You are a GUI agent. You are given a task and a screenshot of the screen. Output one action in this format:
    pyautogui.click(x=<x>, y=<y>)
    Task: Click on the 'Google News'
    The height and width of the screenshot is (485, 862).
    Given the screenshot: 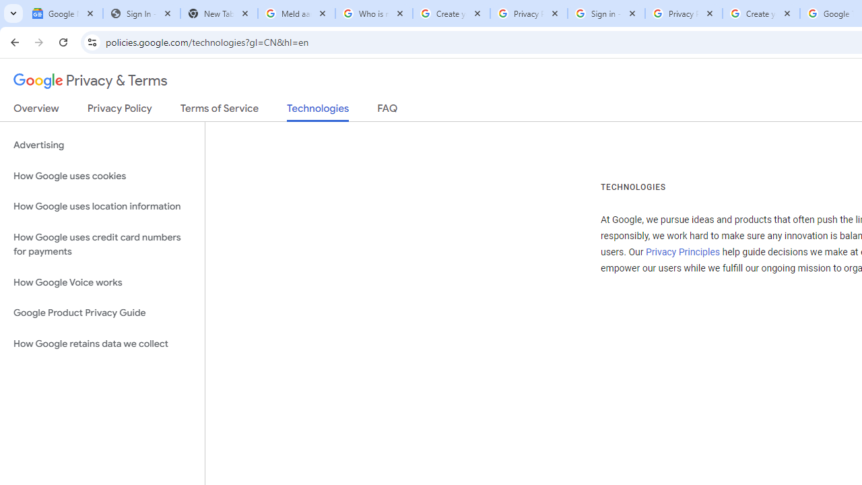 What is the action you would take?
    pyautogui.click(x=63, y=13)
    